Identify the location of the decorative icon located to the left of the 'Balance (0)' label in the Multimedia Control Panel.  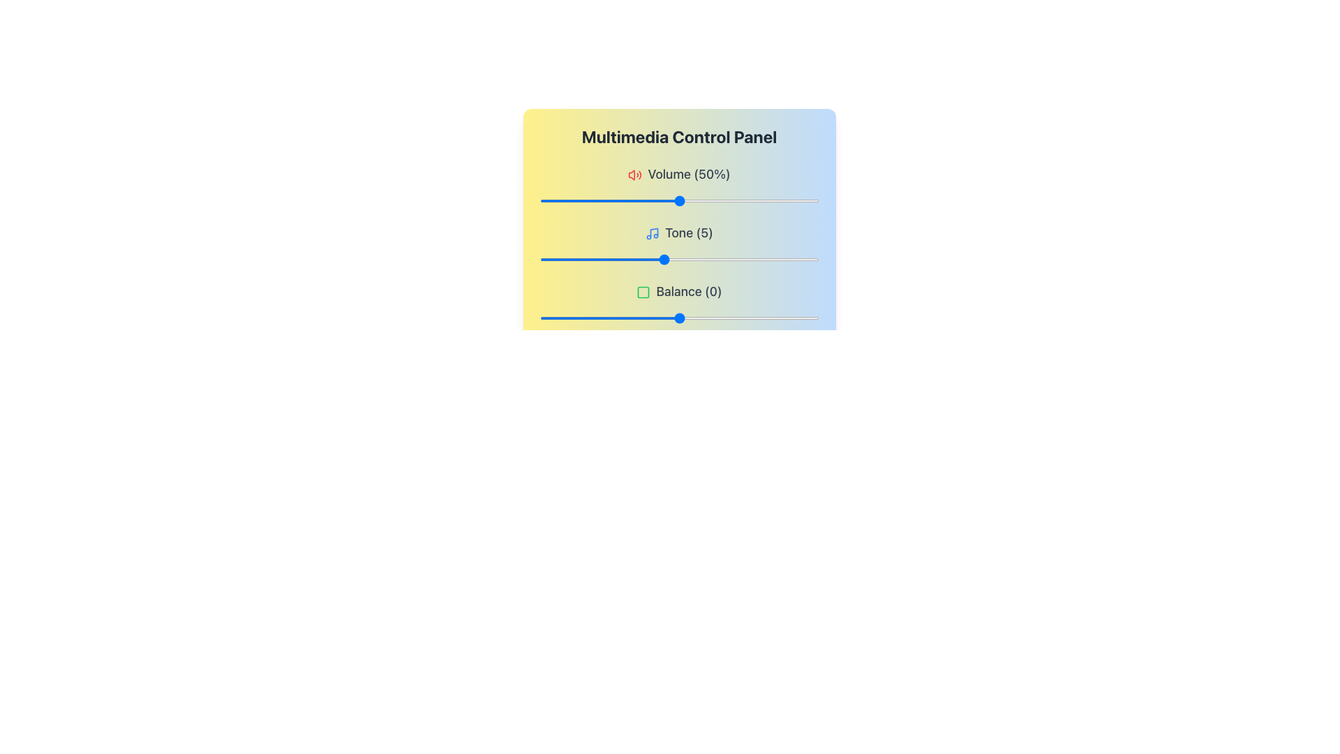
(643, 292).